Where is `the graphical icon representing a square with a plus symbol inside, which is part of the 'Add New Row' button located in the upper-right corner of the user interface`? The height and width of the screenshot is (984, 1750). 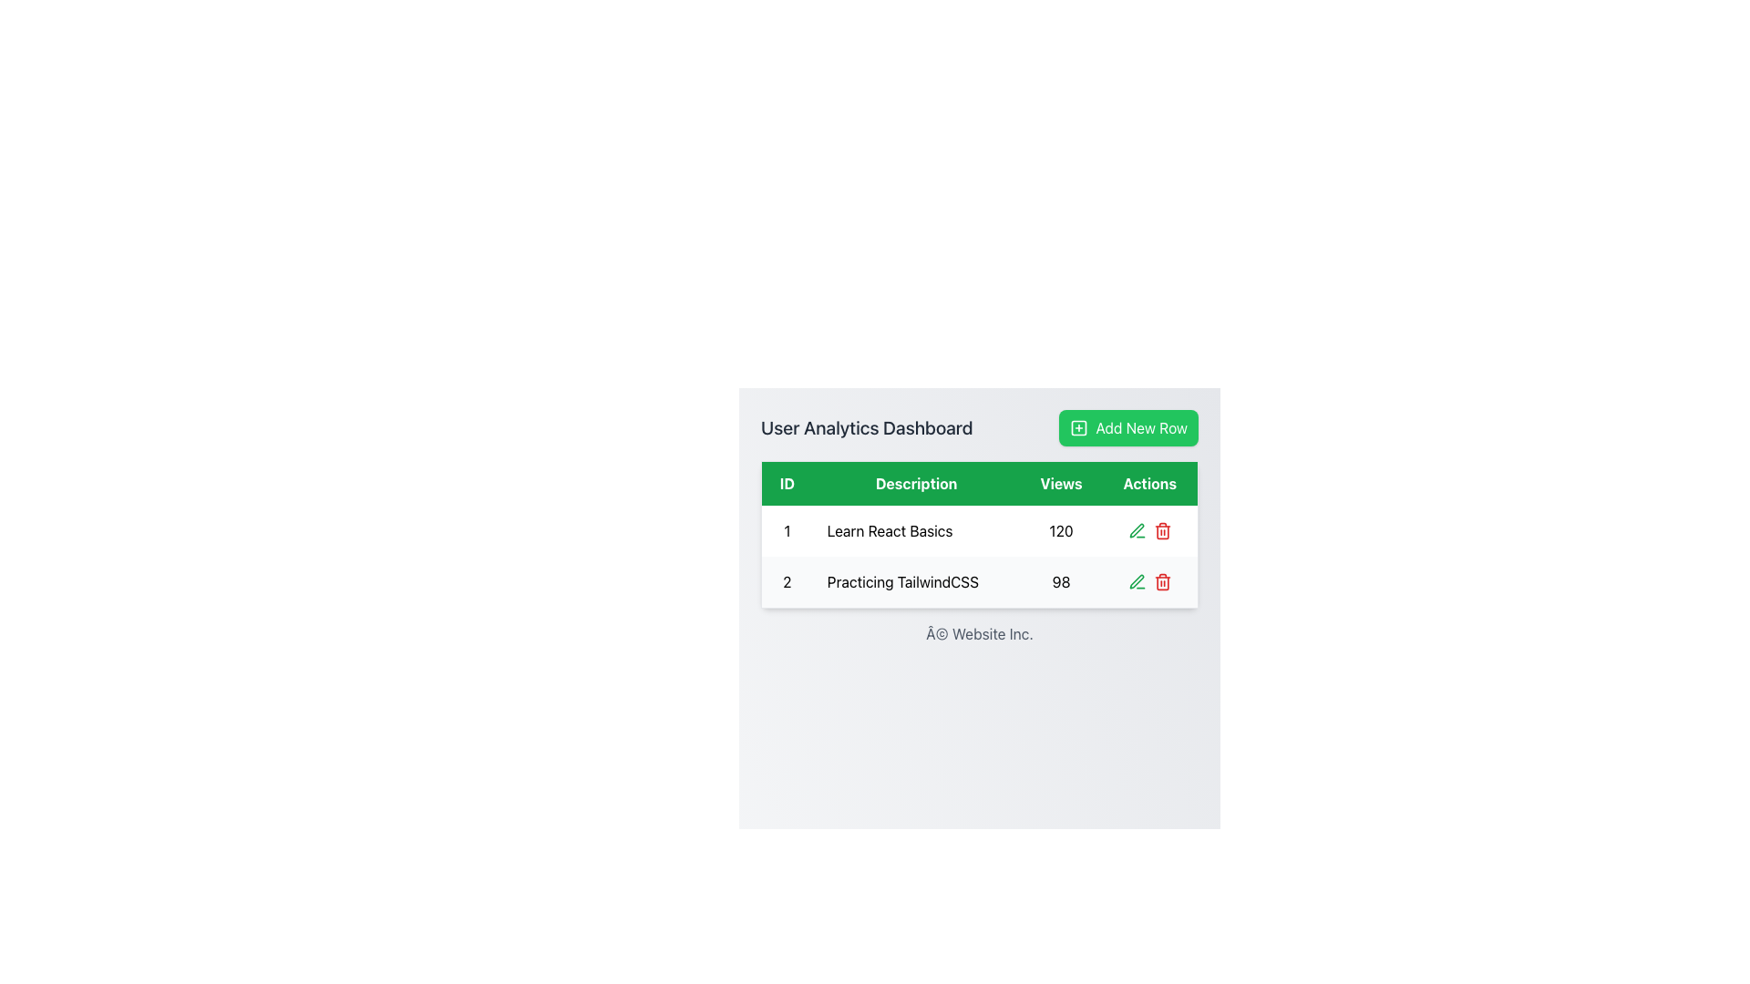
the graphical icon representing a square with a plus symbol inside, which is part of the 'Add New Row' button located in the upper-right corner of the user interface is located at coordinates (1079, 428).